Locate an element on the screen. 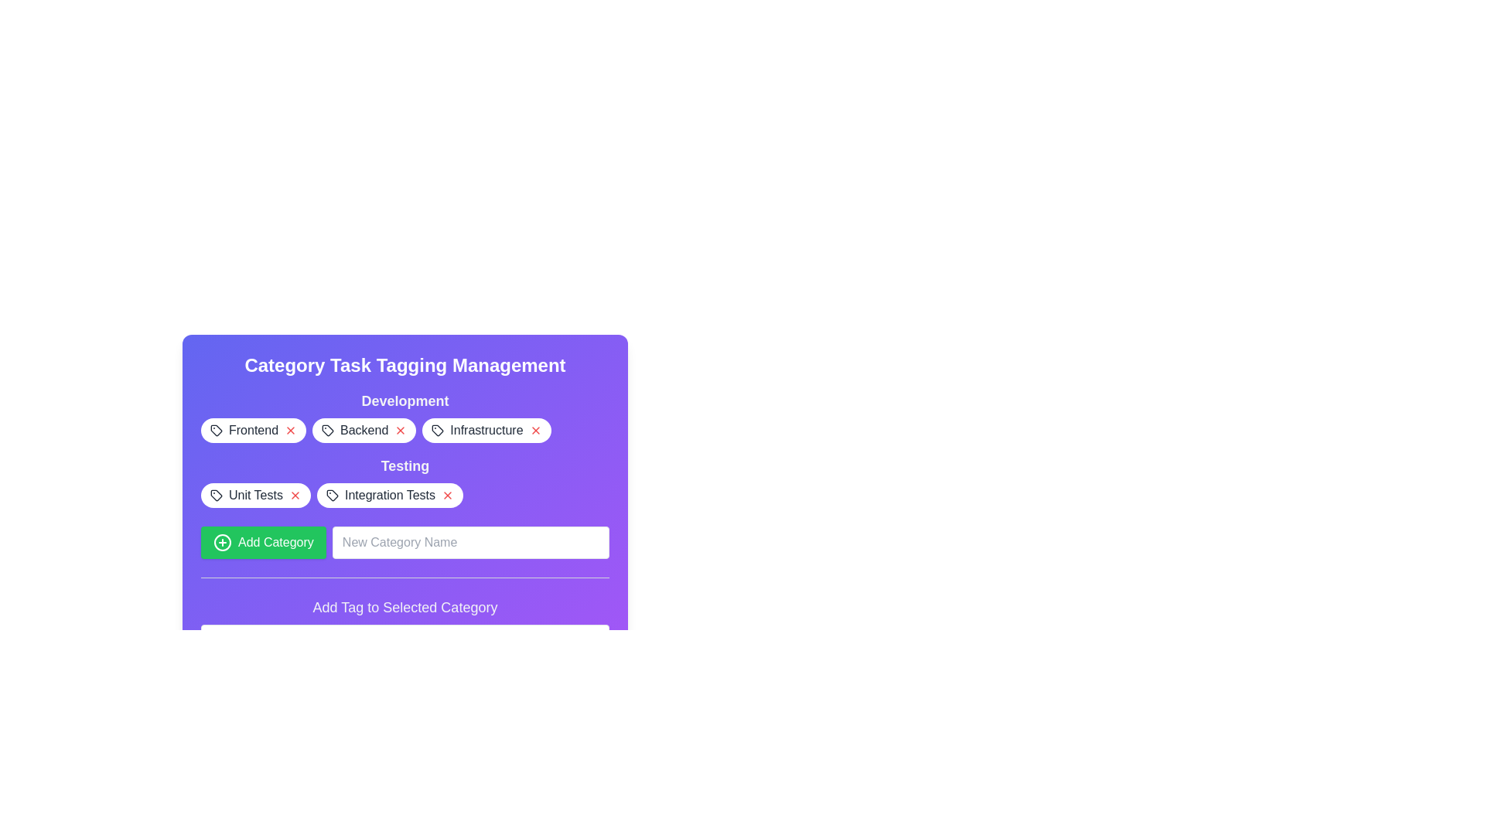 The width and height of the screenshot is (1485, 835). the red cross icon on the first tag labeled 'Frontend' is located at coordinates (253, 430).